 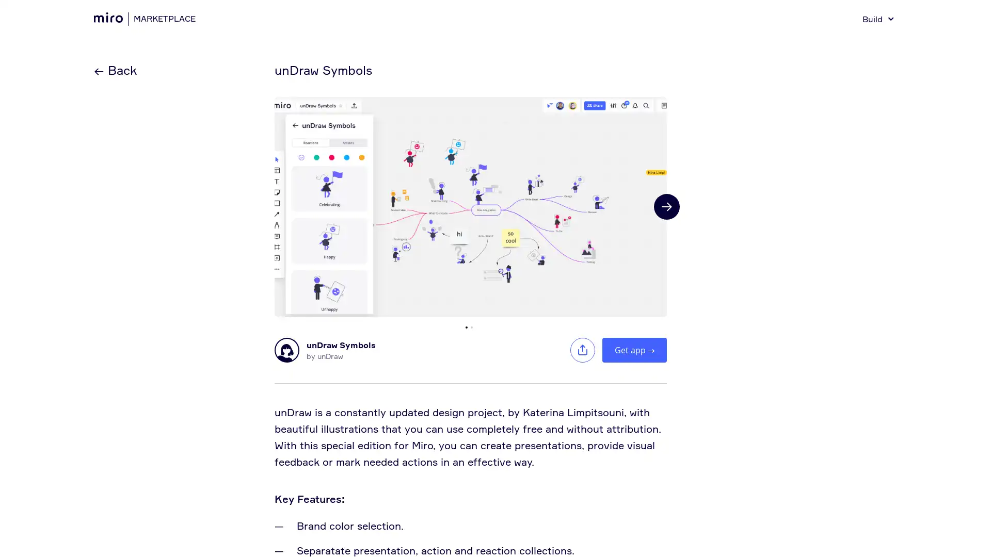 What do you see at coordinates (471, 326) in the screenshot?
I see `Go to slide 2` at bounding box center [471, 326].